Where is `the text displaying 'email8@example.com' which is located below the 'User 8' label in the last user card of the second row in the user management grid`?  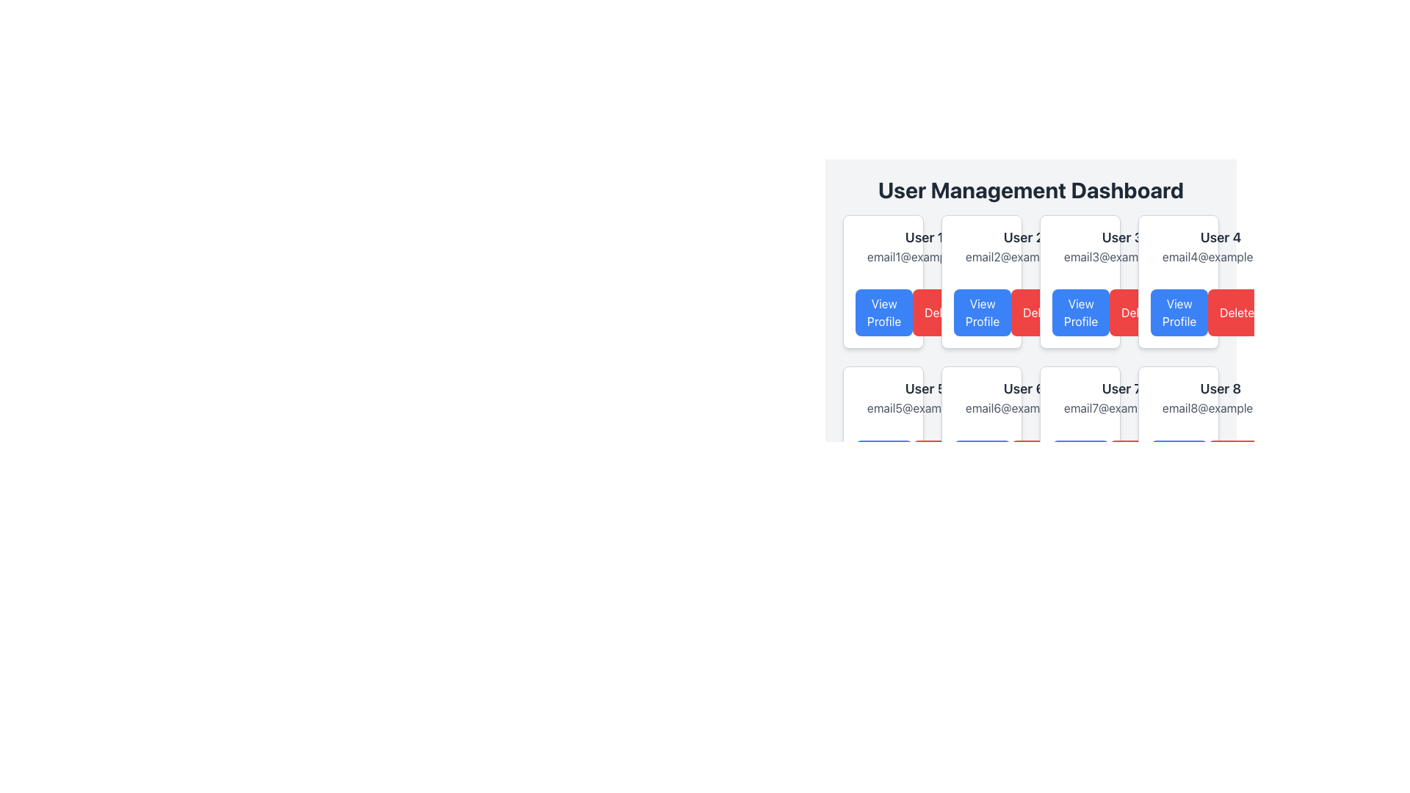 the text displaying 'email8@example.com' which is located below the 'User 8' label in the last user card of the second row in the user management grid is located at coordinates (1178, 398).